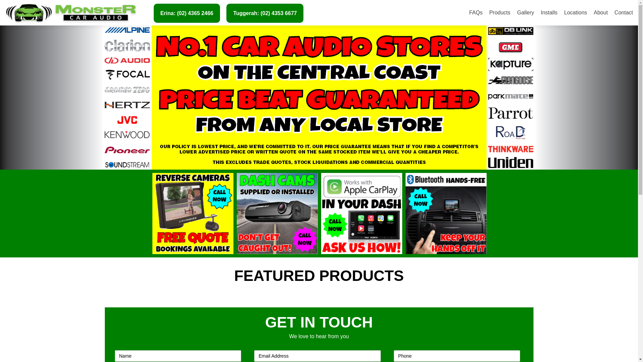 The width and height of the screenshot is (643, 362). I want to click on 'Installs', so click(541, 12).